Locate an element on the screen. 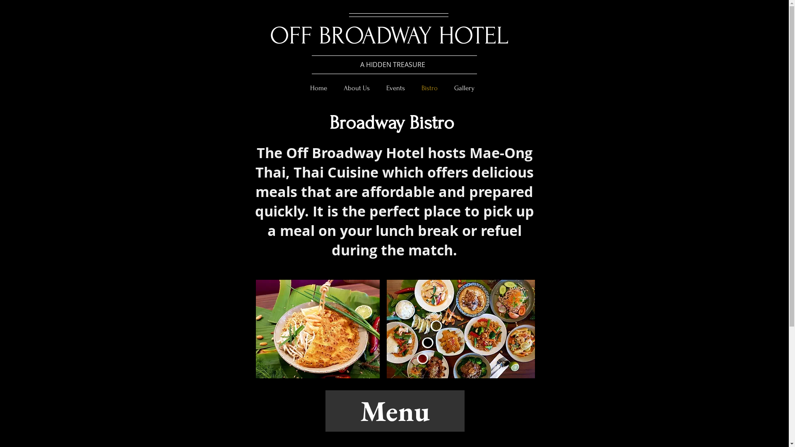  'Gallery' is located at coordinates (464, 88).